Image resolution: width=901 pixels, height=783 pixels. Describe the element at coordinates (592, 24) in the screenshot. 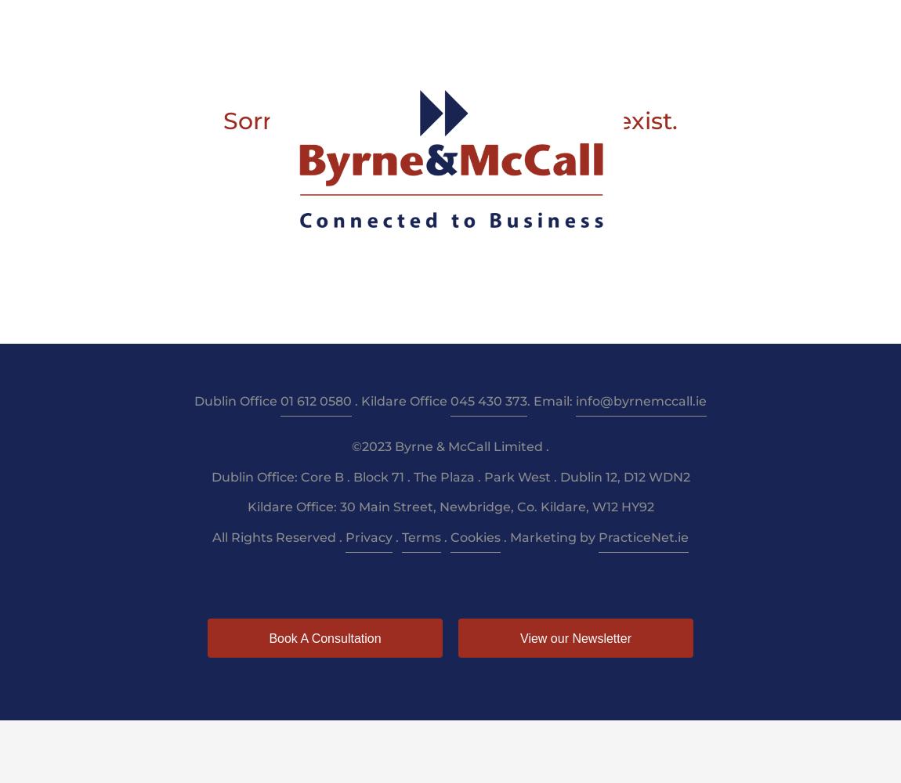

I see `'Budget'` at that location.